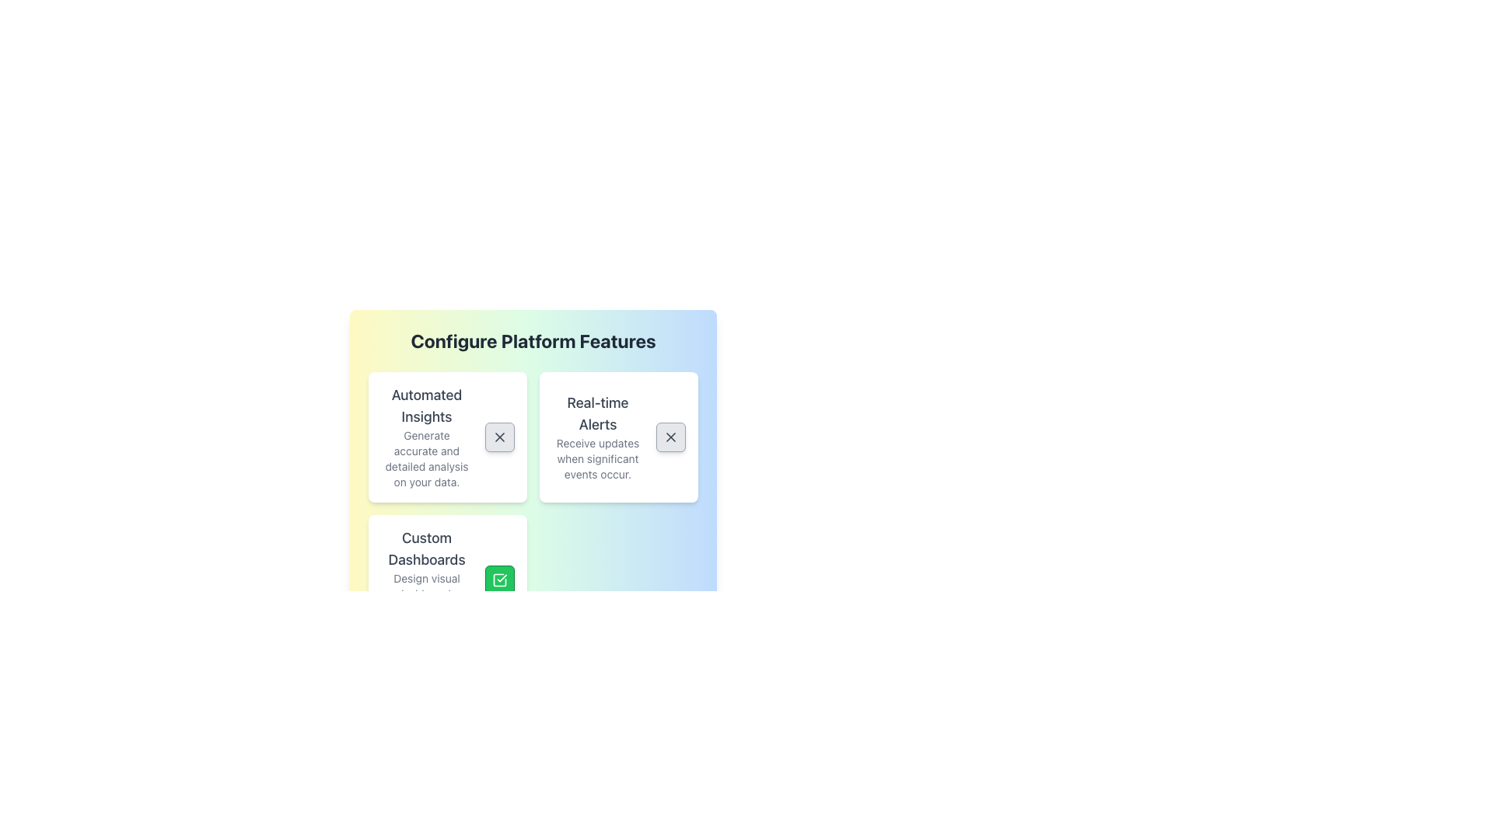 Image resolution: width=1493 pixels, height=839 pixels. I want to click on the 'Automated Insights' informational card located in the top-left section of the 'Configure Platform Features' grid, so click(447, 437).